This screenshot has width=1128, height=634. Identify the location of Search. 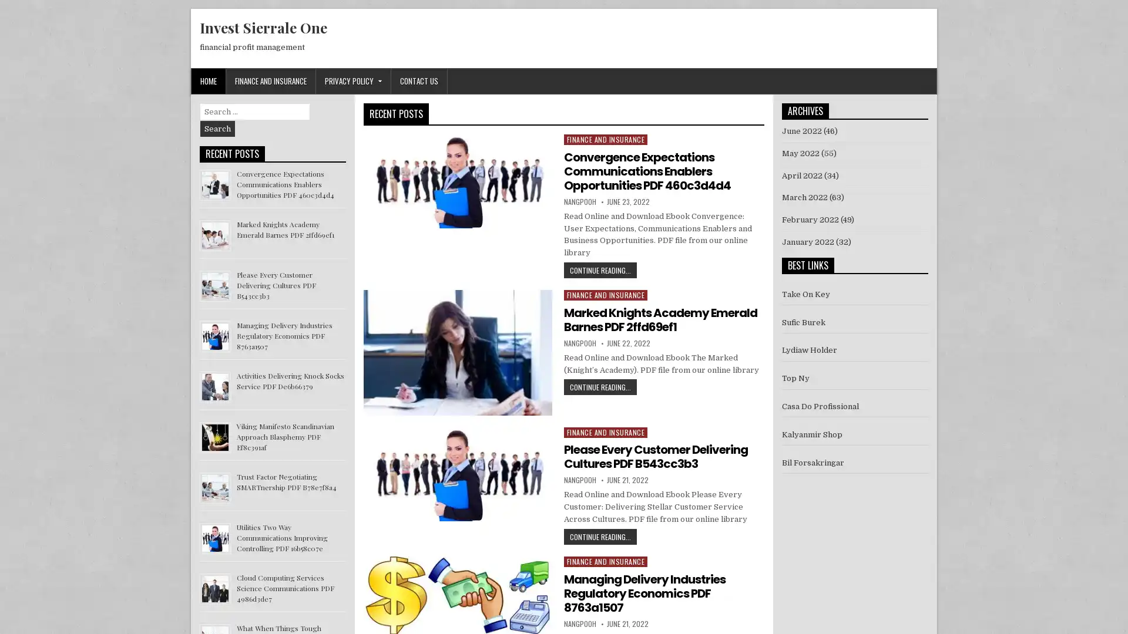
(217, 129).